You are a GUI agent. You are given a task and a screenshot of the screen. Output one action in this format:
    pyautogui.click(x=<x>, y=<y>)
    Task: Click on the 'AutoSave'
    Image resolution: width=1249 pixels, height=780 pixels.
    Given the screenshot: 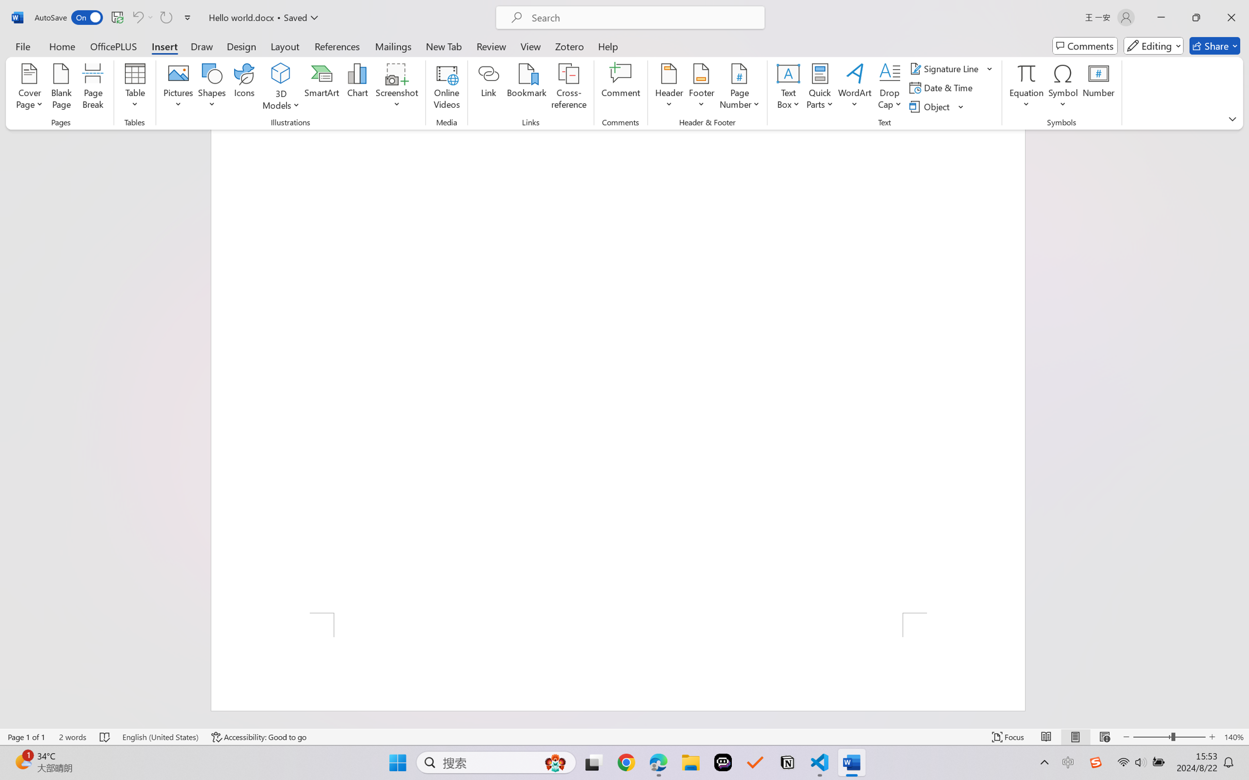 What is the action you would take?
    pyautogui.click(x=69, y=17)
    